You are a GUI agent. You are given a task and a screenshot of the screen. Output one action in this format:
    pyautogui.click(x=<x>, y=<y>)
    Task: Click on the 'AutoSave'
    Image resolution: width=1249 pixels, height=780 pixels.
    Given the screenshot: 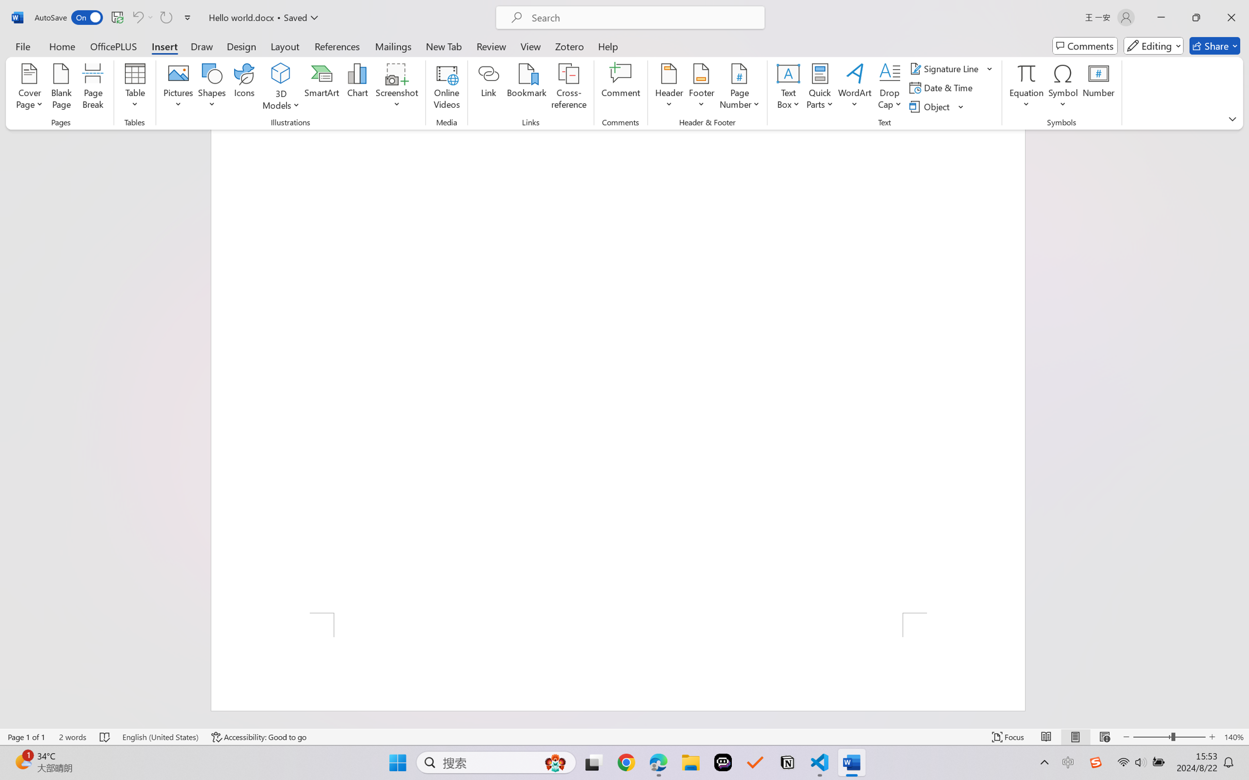 What is the action you would take?
    pyautogui.click(x=69, y=17)
    